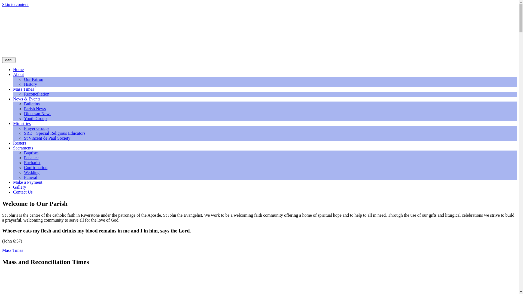 This screenshot has width=523, height=294. I want to click on 'Menu', so click(9, 60).